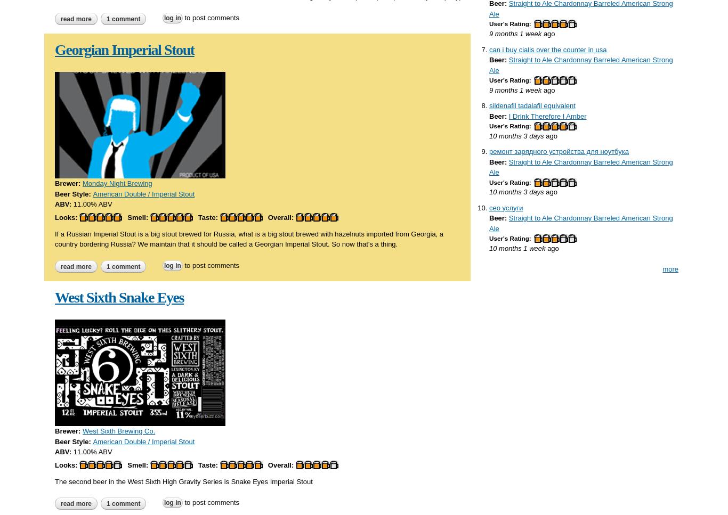 This screenshot has width=728, height=515. Describe the element at coordinates (118, 430) in the screenshot. I see `'West Sixth Brewing Co.'` at that location.